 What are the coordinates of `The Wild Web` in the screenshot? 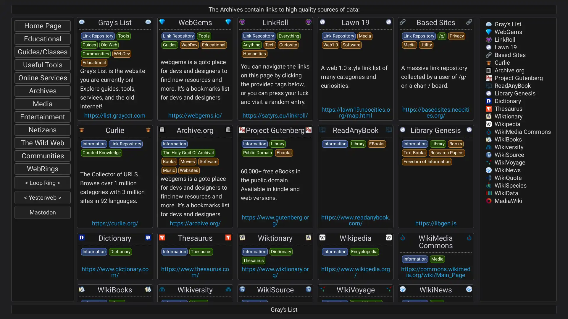 It's located at (42, 143).